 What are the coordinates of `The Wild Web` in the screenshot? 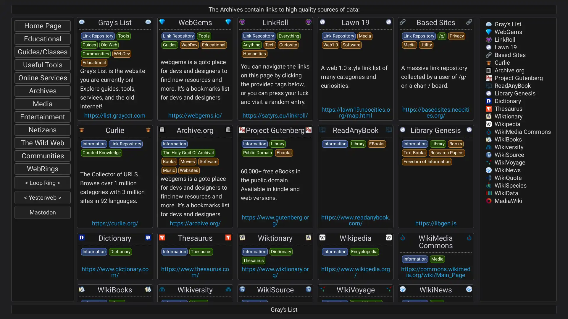 It's located at (42, 143).